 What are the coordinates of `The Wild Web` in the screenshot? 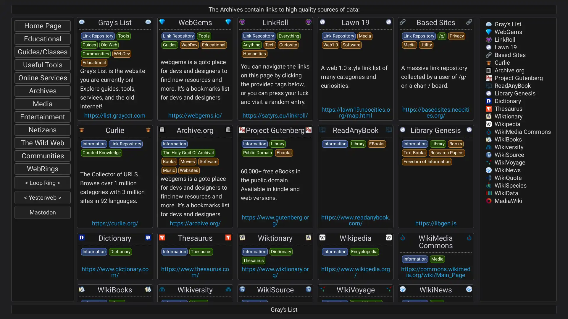 It's located at (42, 143).